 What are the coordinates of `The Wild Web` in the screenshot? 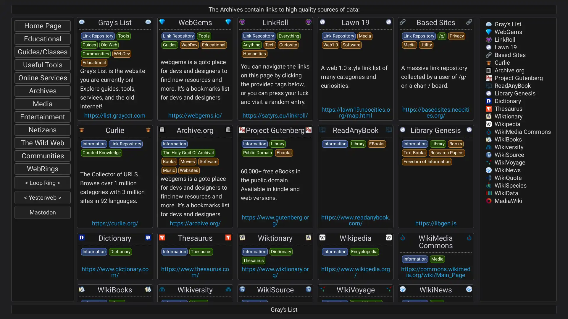 It's located at (42, 143).